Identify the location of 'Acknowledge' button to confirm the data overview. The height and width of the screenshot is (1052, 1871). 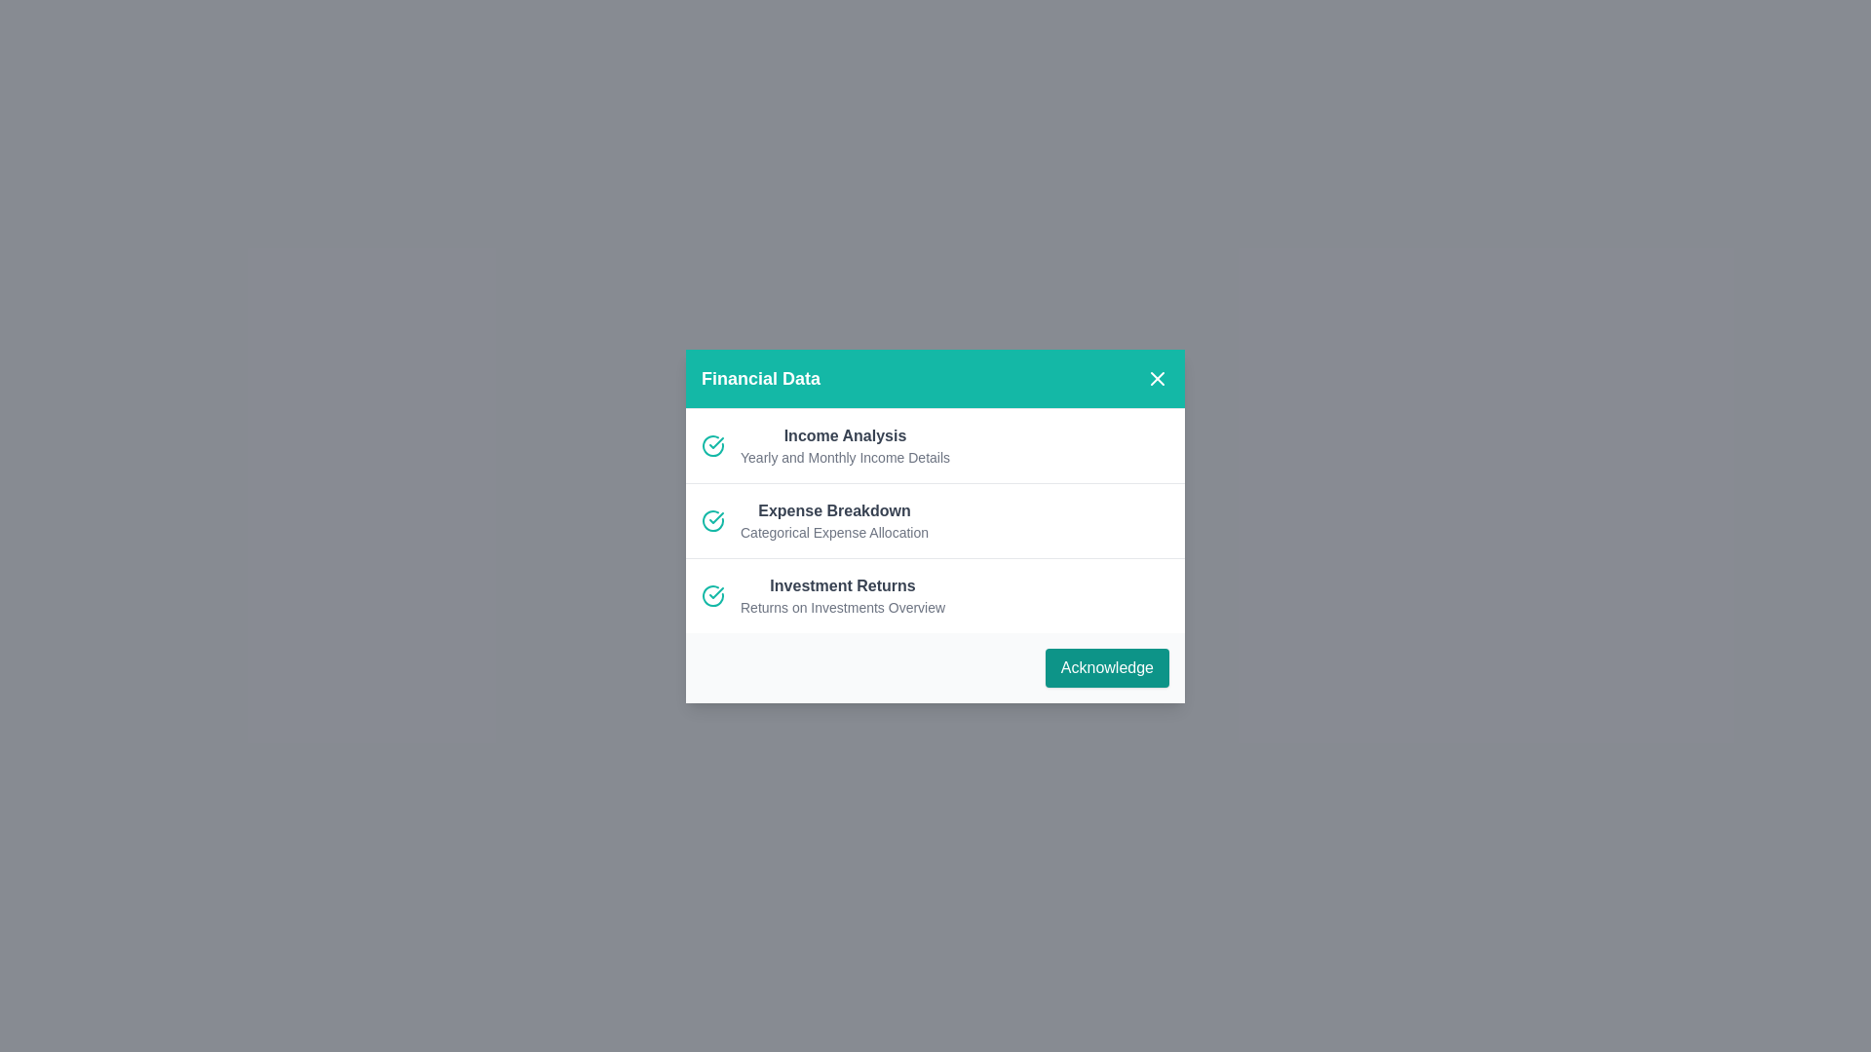
(1107, 666).